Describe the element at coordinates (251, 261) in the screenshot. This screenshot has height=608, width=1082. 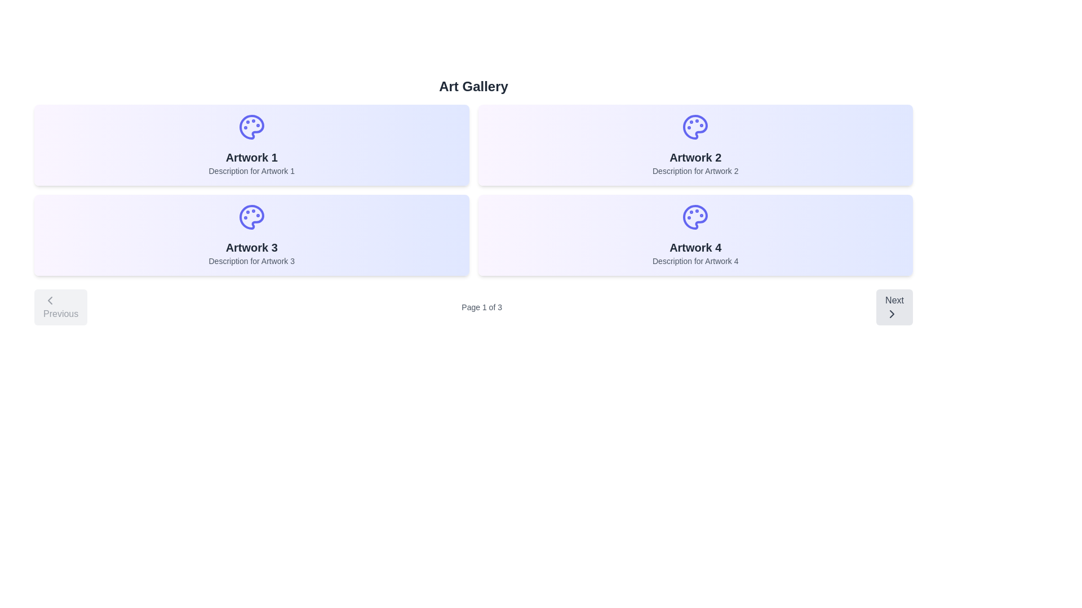
I see `the text label displaying 'Description for Artwork 3'` at that location.